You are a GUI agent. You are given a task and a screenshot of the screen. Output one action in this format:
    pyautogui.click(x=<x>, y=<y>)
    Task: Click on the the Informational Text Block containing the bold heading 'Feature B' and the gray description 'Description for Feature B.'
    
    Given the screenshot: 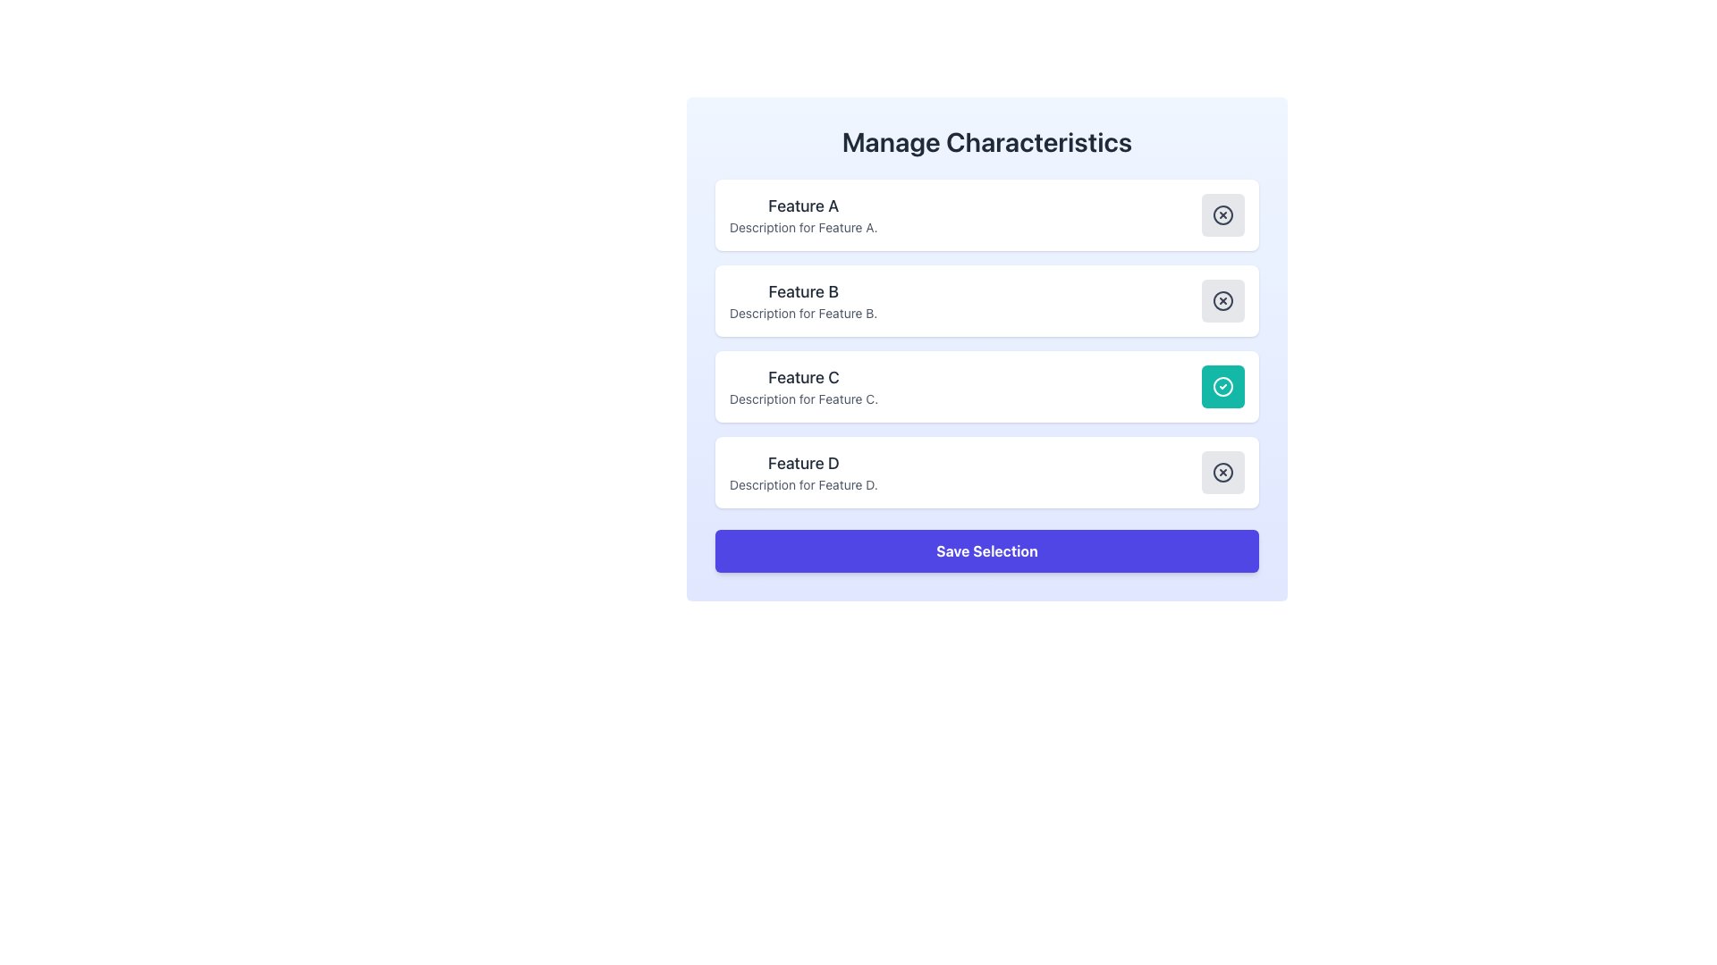 What is the action you would take?
    pyautogui.click(x=802, y=299)
    